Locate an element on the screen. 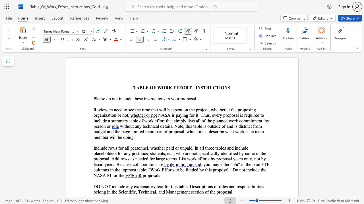 This screenshot has width=364, height=204. the subset text "de placeholders for any postdocs, students, etc., who are not specif" within the text "Include rows for all personnel, whether paid or unpaid, in all three tables and include placeholders for any postdocs, students, etc., who are not specifically" is located at coordinates (244, 148).